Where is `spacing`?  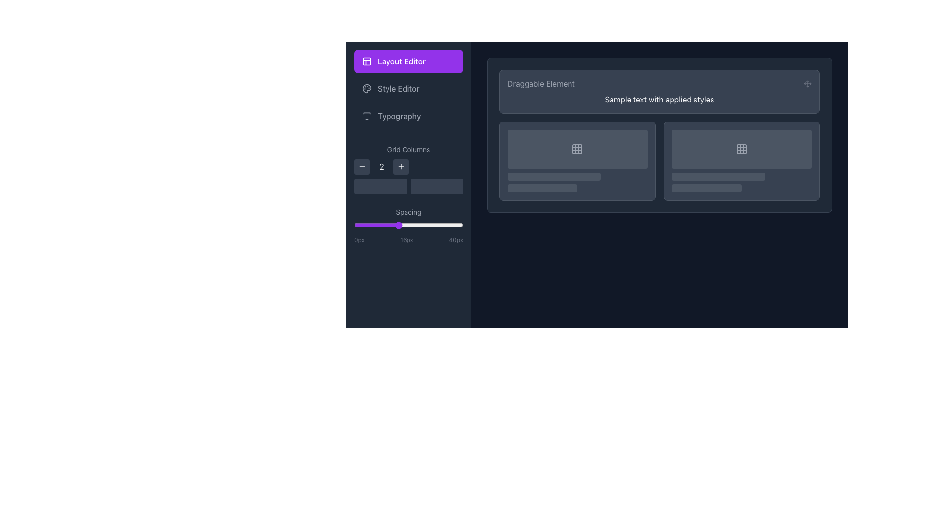
spacing is located at coordinates (425, 225).